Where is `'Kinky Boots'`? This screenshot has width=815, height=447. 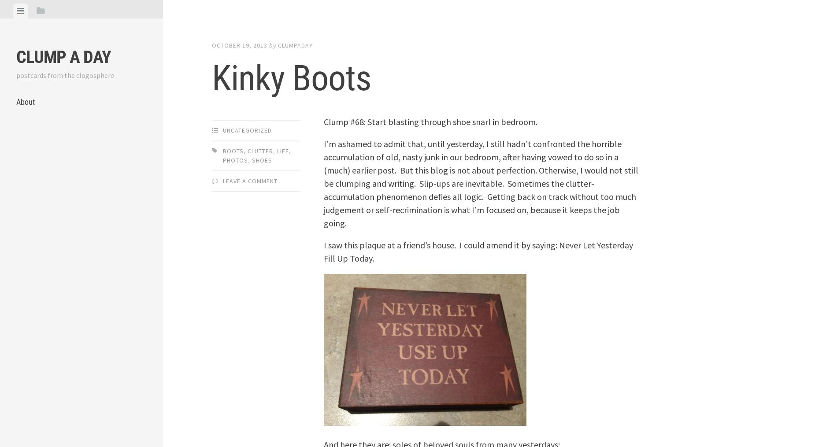 'Kinky Boots' is located at coordinates (291, 78).